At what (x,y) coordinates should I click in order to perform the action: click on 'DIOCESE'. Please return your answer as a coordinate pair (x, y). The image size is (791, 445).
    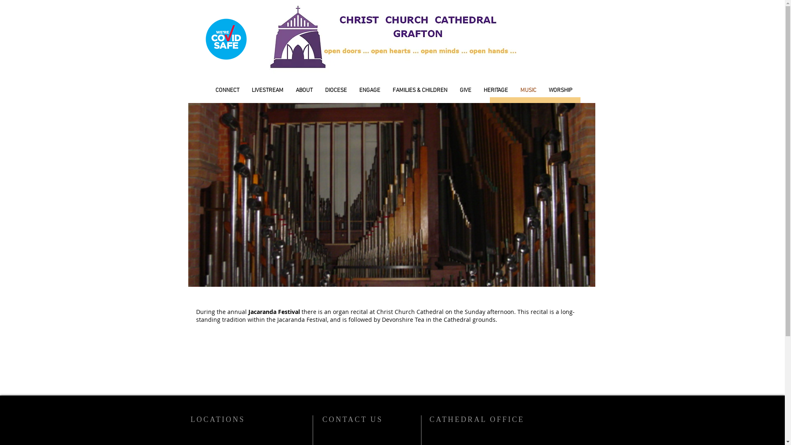
    Looking at the image, I should click on (336, 90).